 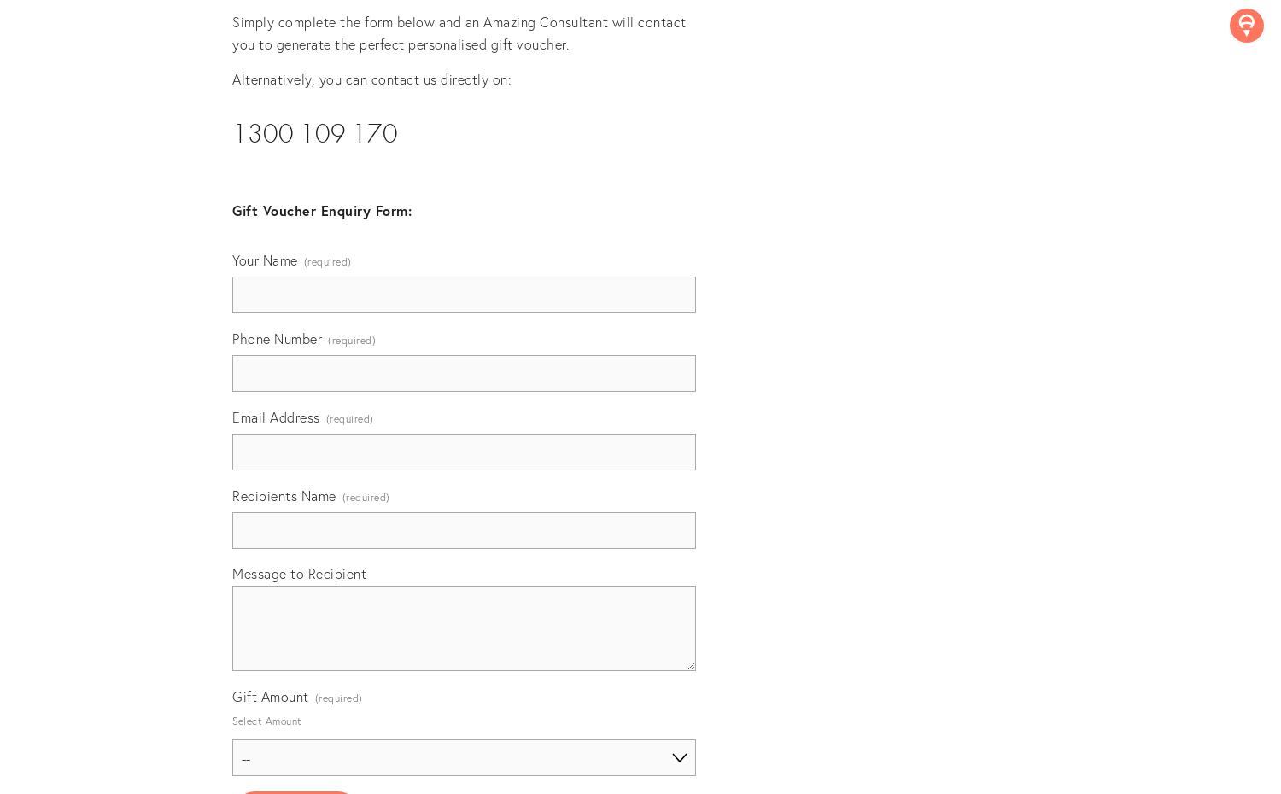 I want to click on 'Gift Voucher Enquiry Form:', so click(x=321, y=209).